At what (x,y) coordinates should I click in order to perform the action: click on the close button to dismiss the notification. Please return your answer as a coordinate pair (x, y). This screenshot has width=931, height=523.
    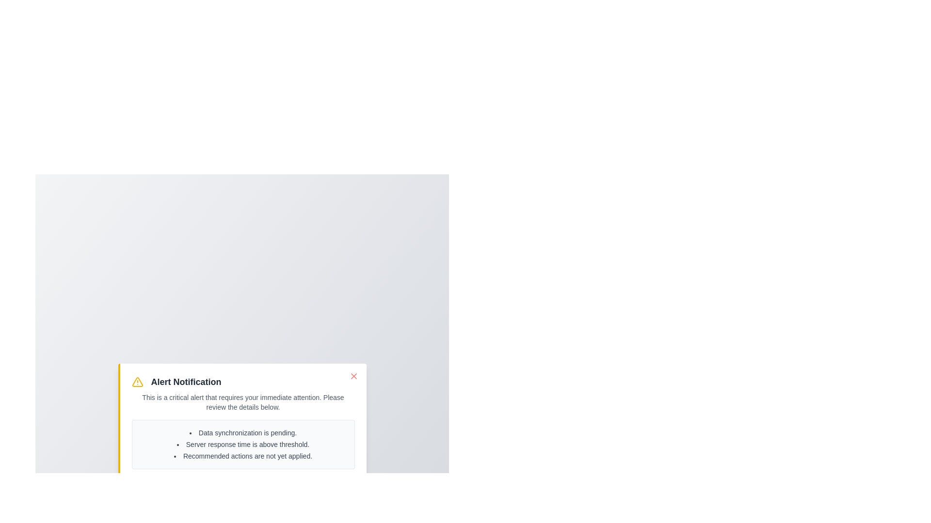
    Looking at the image, I should click on (353, 375).